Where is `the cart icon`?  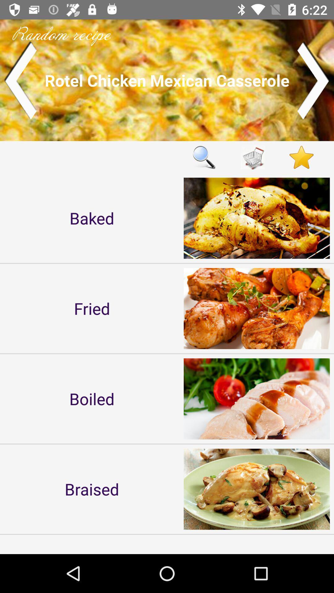 the cart icon is located at coordinates (253, 157).